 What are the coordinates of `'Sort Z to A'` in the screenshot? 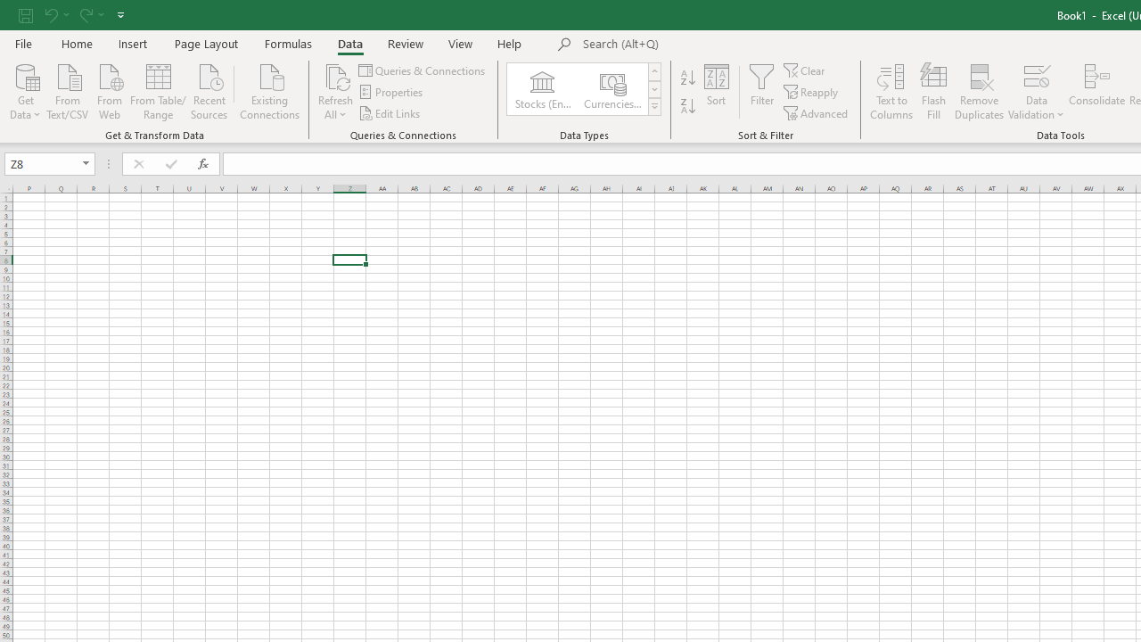 It's located at (687, 106).